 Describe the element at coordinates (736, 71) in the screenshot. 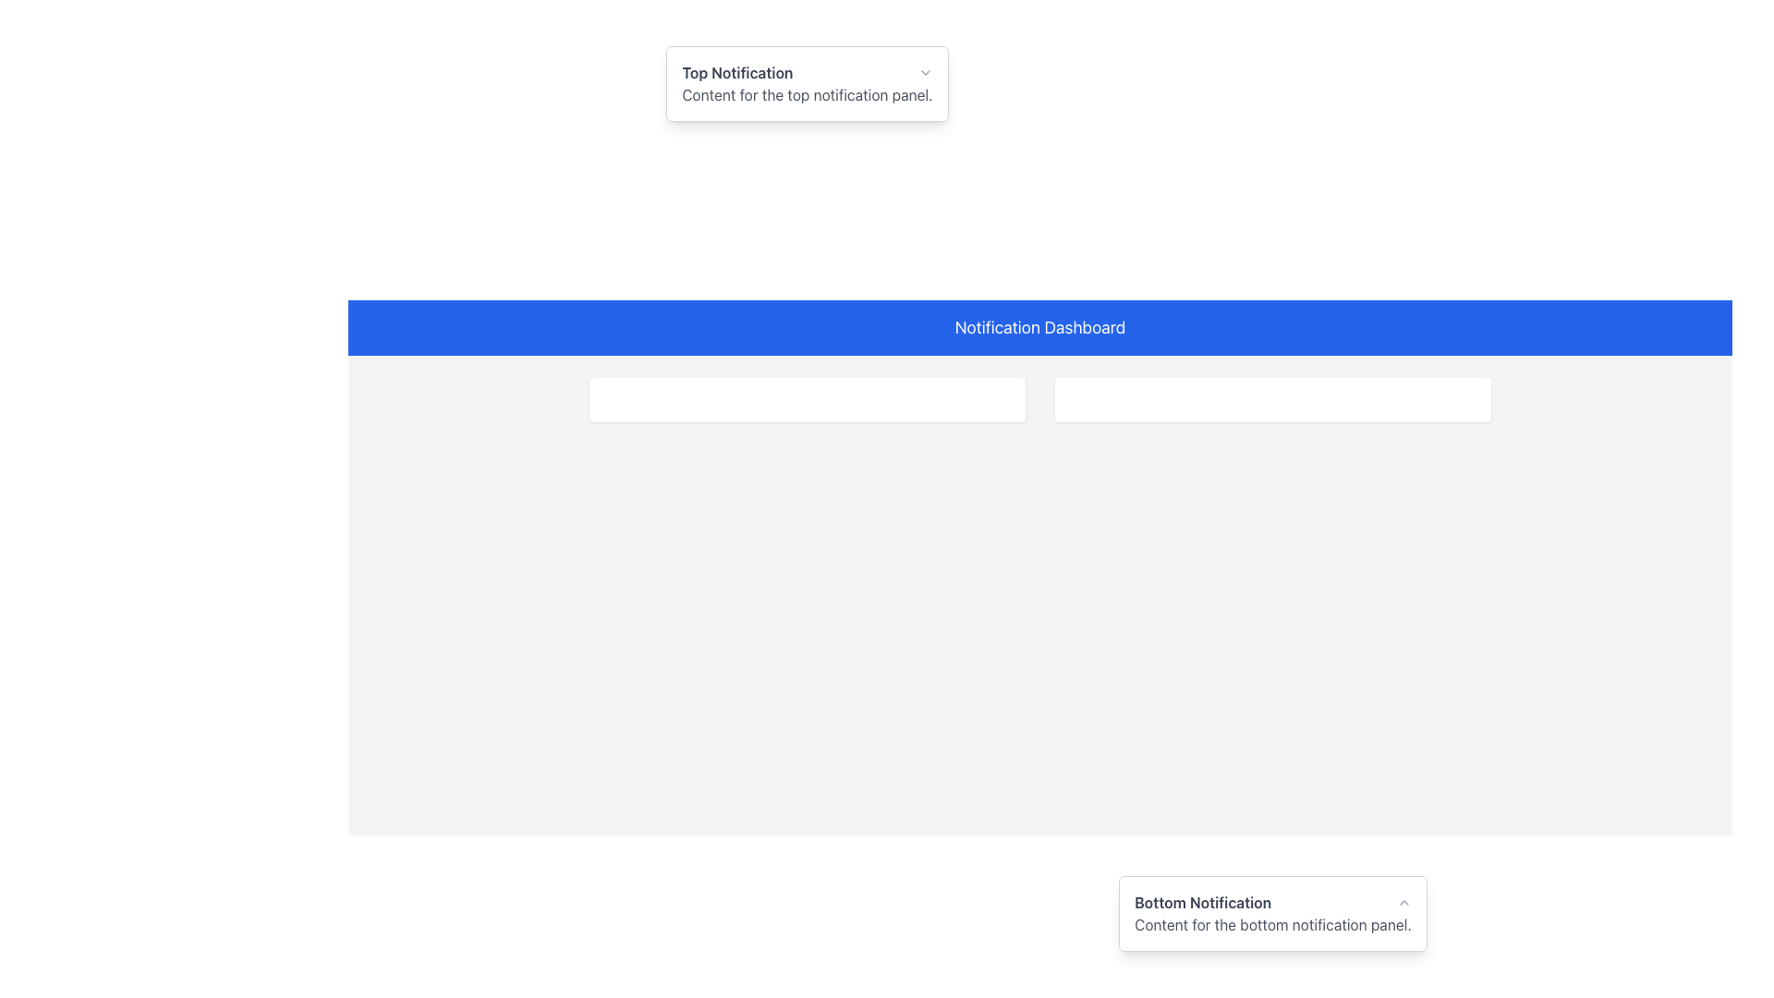

I see `text of the 'Top Notification' label displayed in bold gray font at the top of the notification panel` at that location.